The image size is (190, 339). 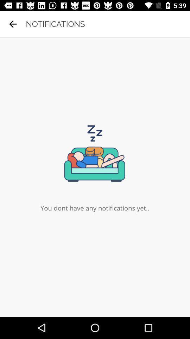 I want to click on icon to the left of notifications, so click(x=13, y=24).